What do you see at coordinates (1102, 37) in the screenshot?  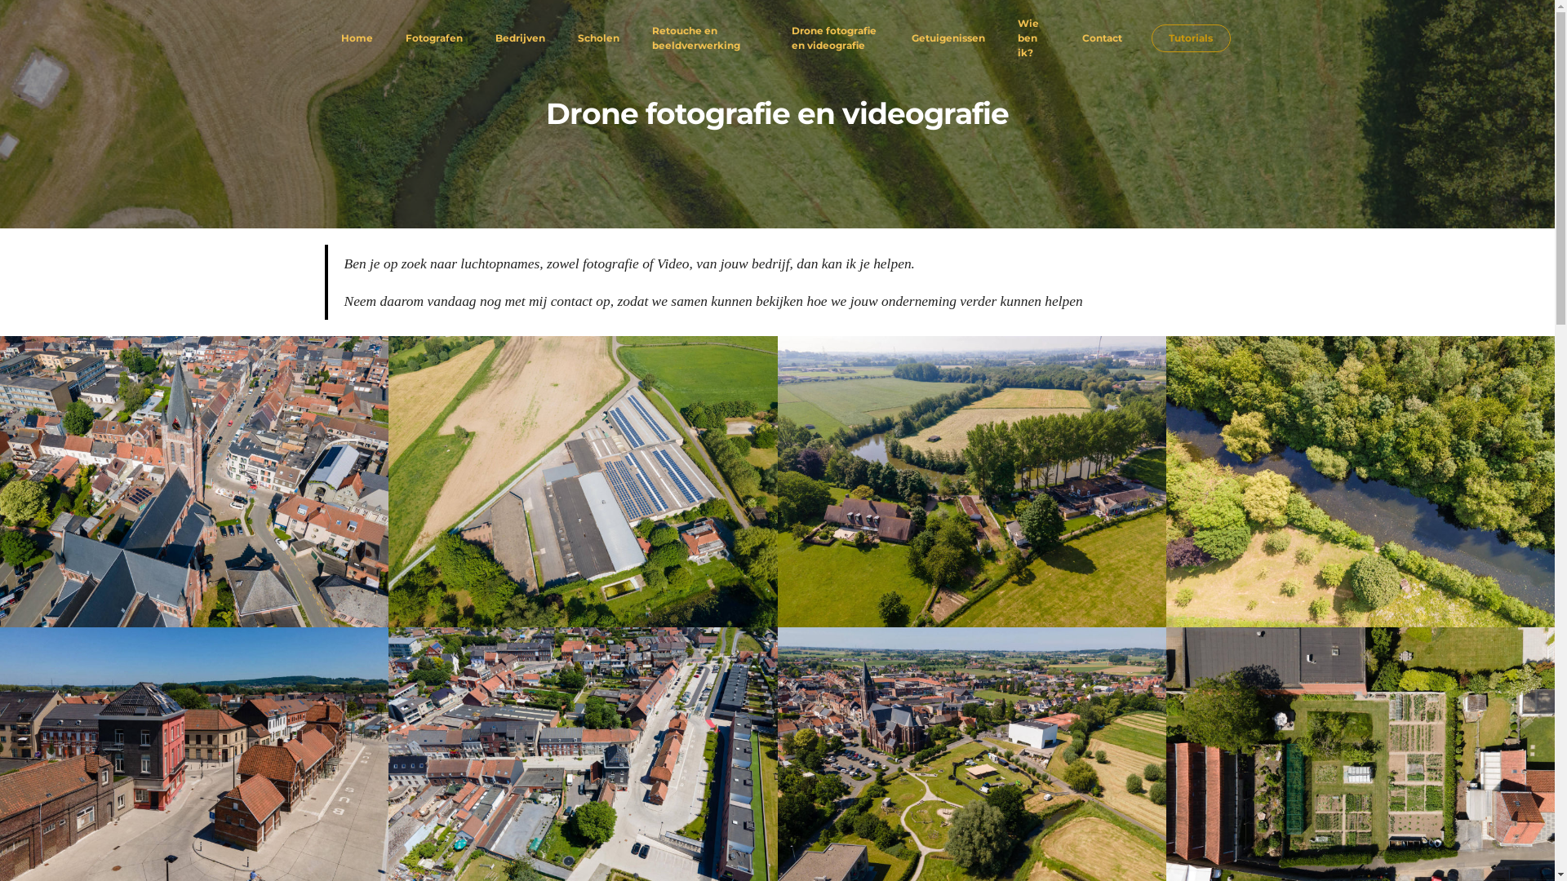 I see `'Contact'` at bounding box center [1102, 37].